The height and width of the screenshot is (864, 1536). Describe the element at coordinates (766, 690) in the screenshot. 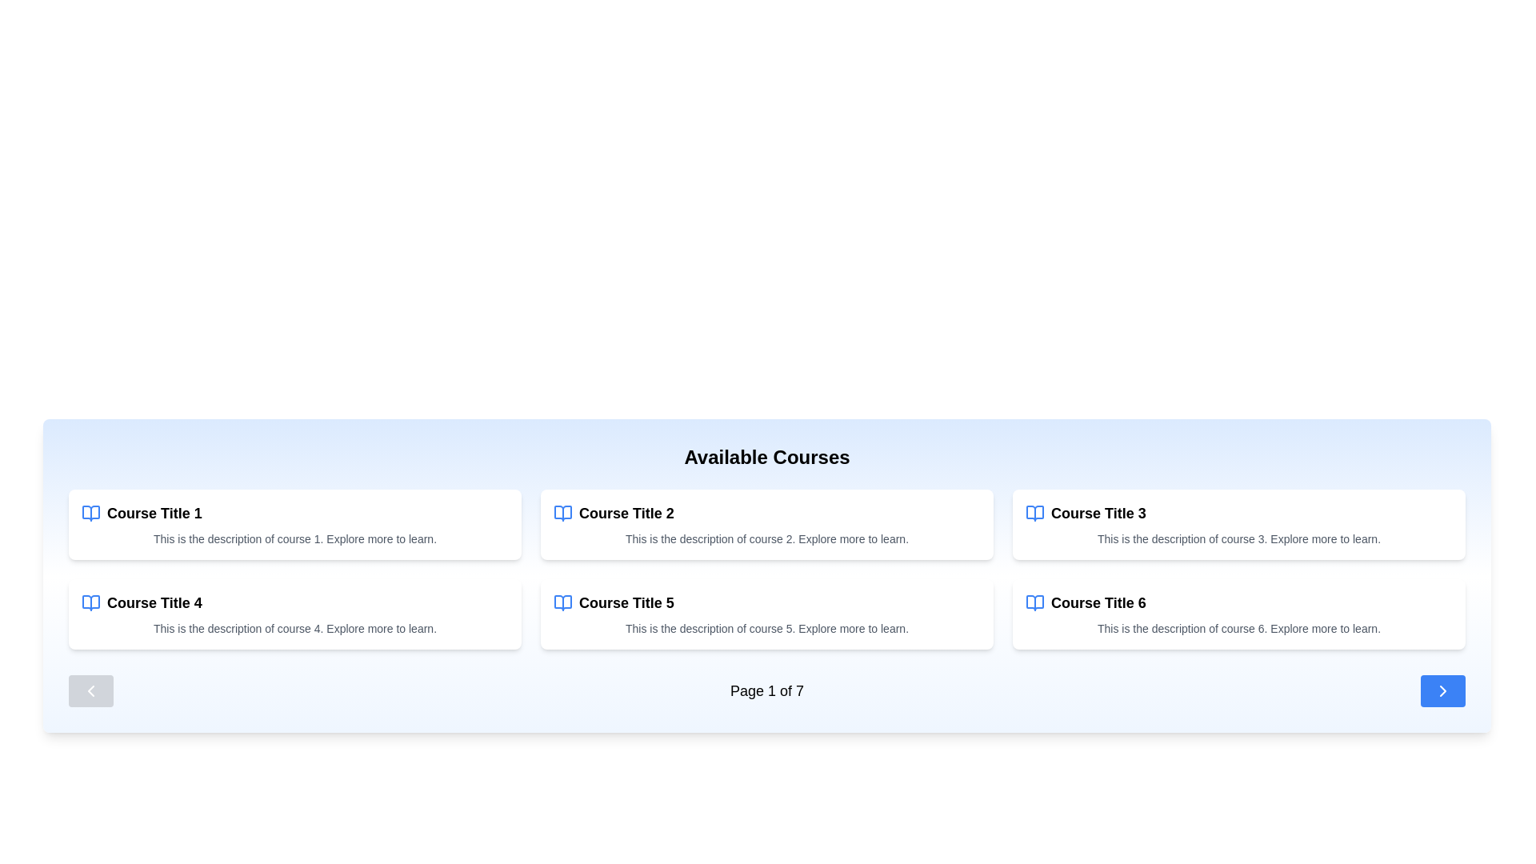

I see `the pagination indicator text label displaying 'Page 1 of 7', located at the bottom center of the page` at that location.